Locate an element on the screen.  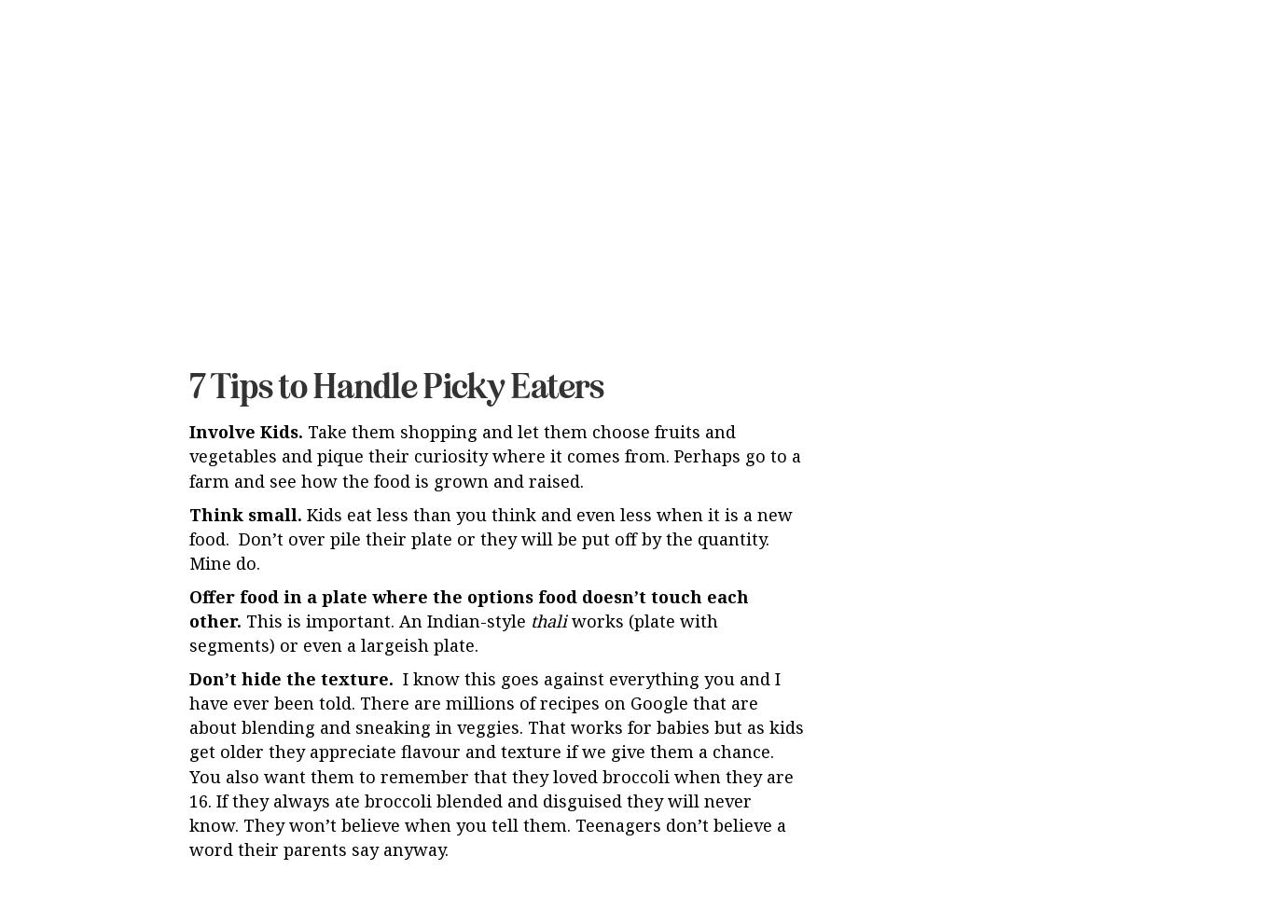
'This is important. An Indian-style' is located at coordinates (385, 465).